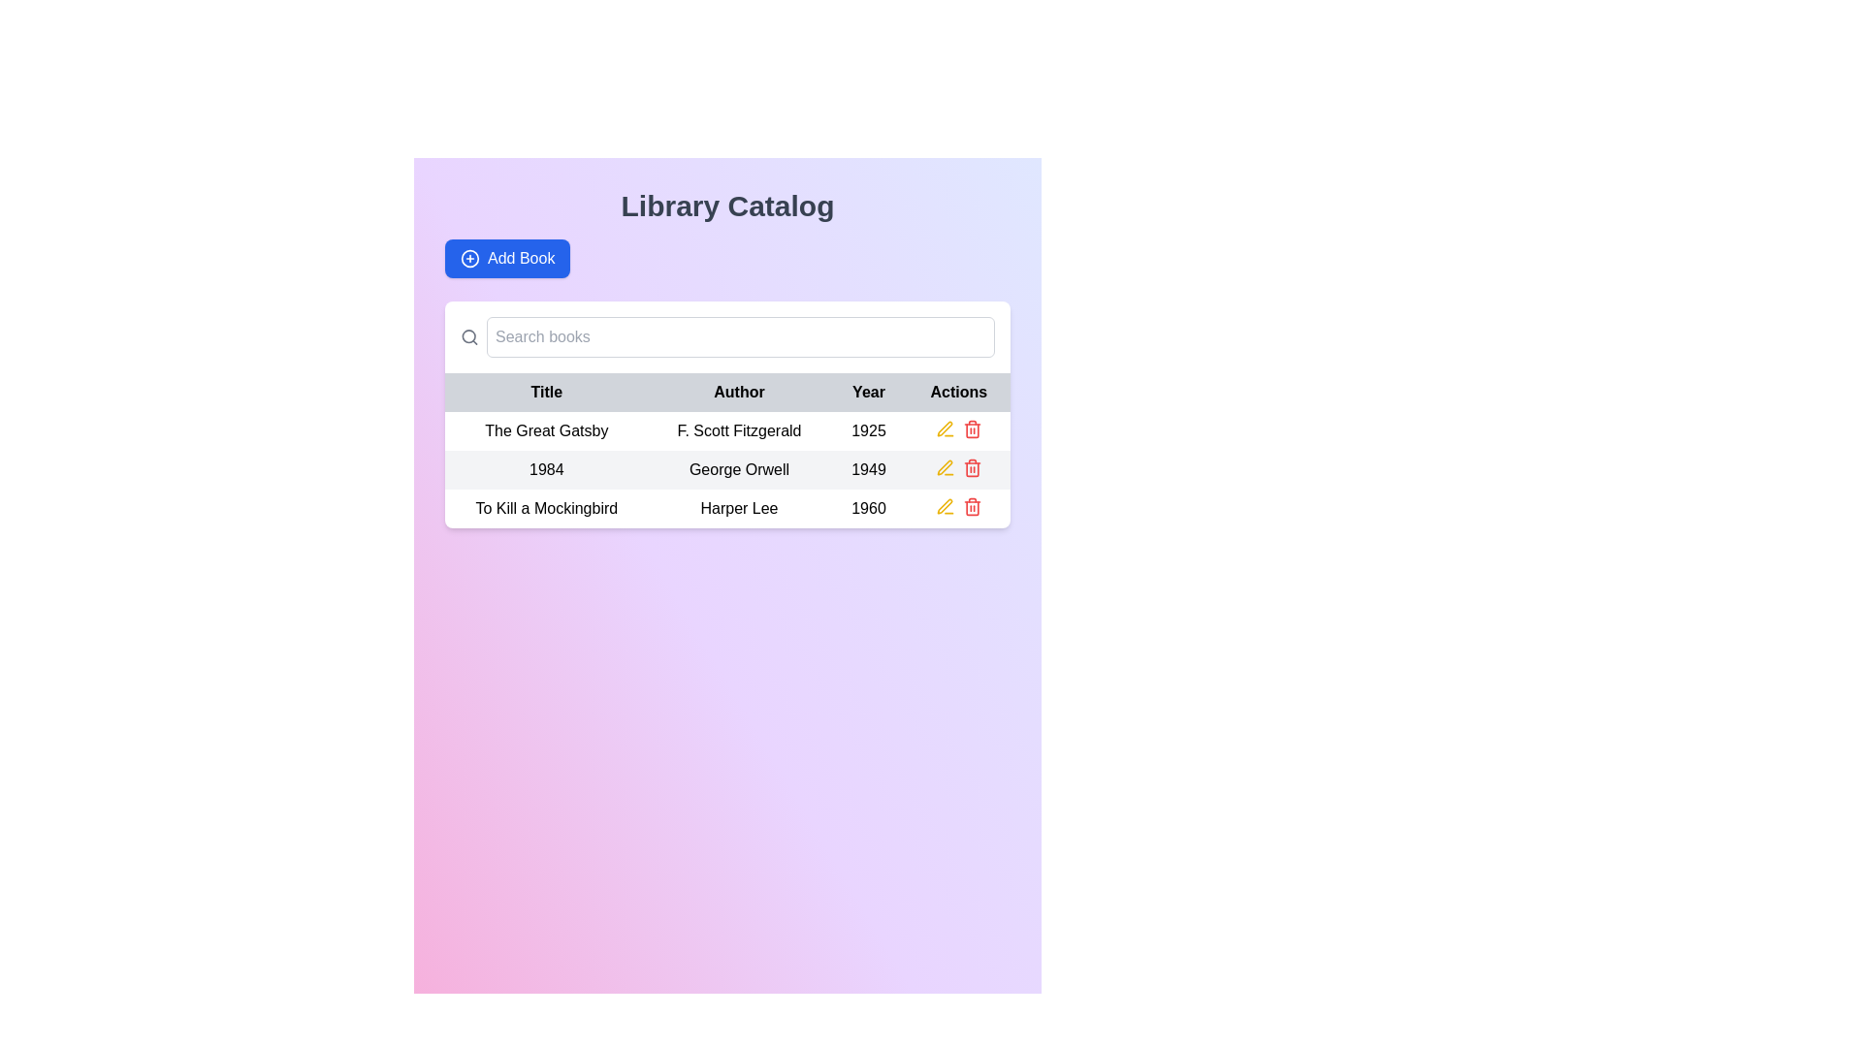 This screenshot has height=1047, width=1862. What do you see at coordinates (868, 393) in the screenshot?
I see `the 'Year' column header label, which categorizes the data below it under the 'Year' attribute in the table` at bounding box center [868, 393].